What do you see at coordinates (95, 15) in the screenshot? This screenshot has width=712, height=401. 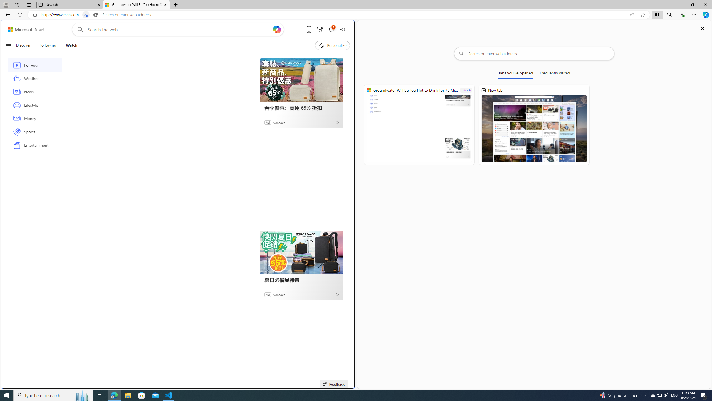 I see `'Search icon'` at bounding box center [95, 15].